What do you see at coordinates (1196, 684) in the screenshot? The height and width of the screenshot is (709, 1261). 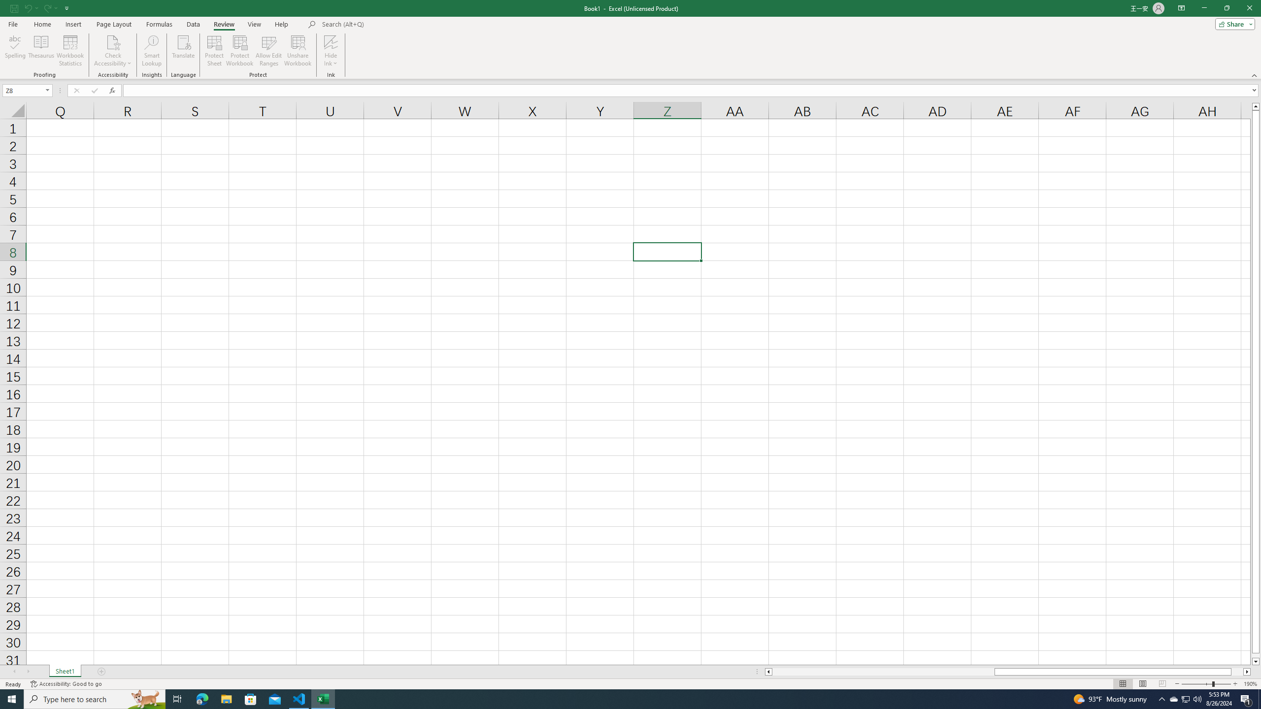 I see `'Zoom Out'` at bounding box center [1196, 684].